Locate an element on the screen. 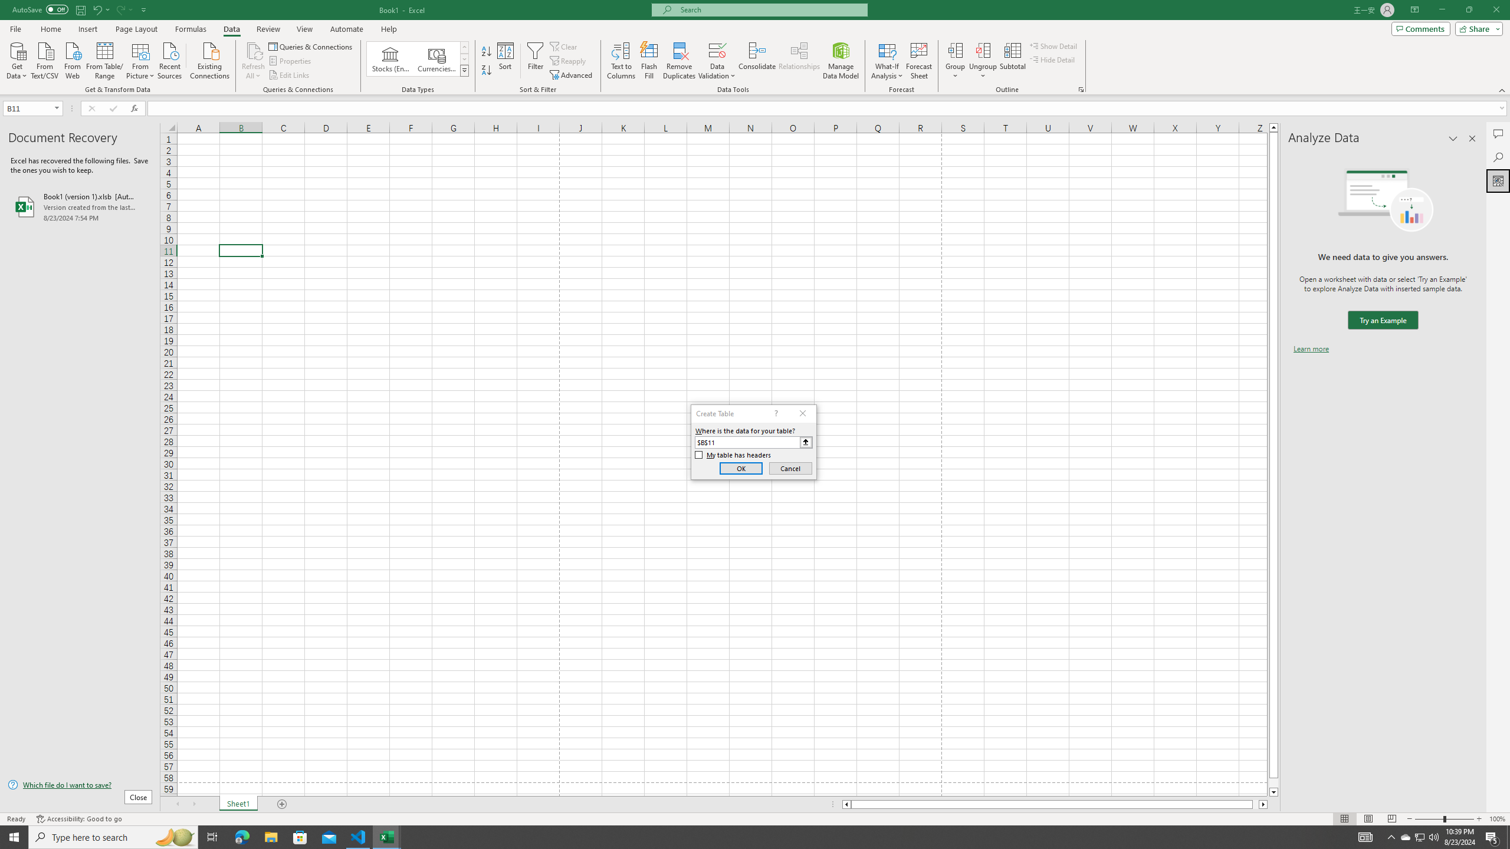 The width and height of the screenshot is (1510, 849). 'Properties' is located at coordinates (291, 61).